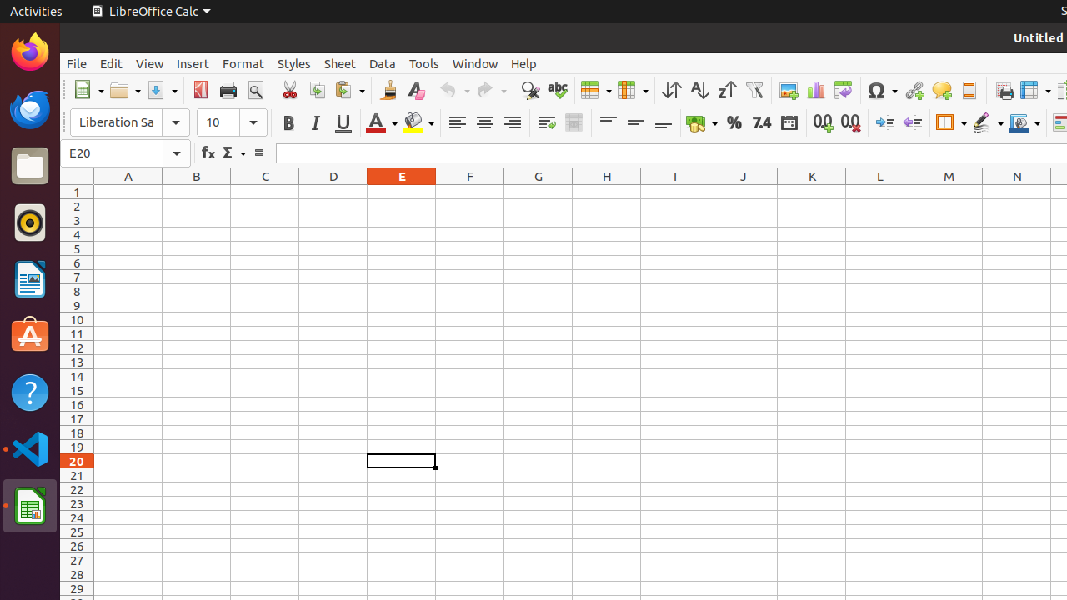 The image size is (1067, 600). What do you see at coordinates (1015, 191) in the screenshot?
I see `'N1'` at bounding box center [1015, 191].